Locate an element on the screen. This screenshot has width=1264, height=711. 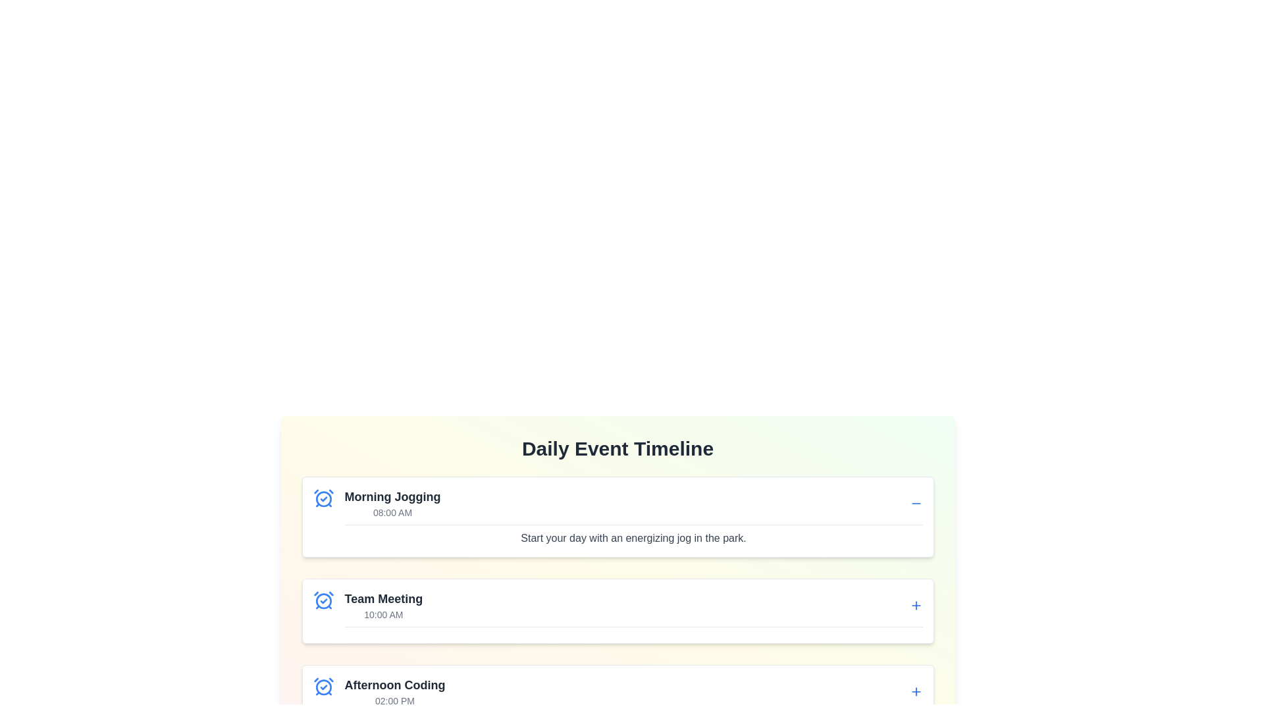
the 'Morning Jogging' Activity Card, which is the first card in the vertical list of activities is located at coordinates (617, 516).